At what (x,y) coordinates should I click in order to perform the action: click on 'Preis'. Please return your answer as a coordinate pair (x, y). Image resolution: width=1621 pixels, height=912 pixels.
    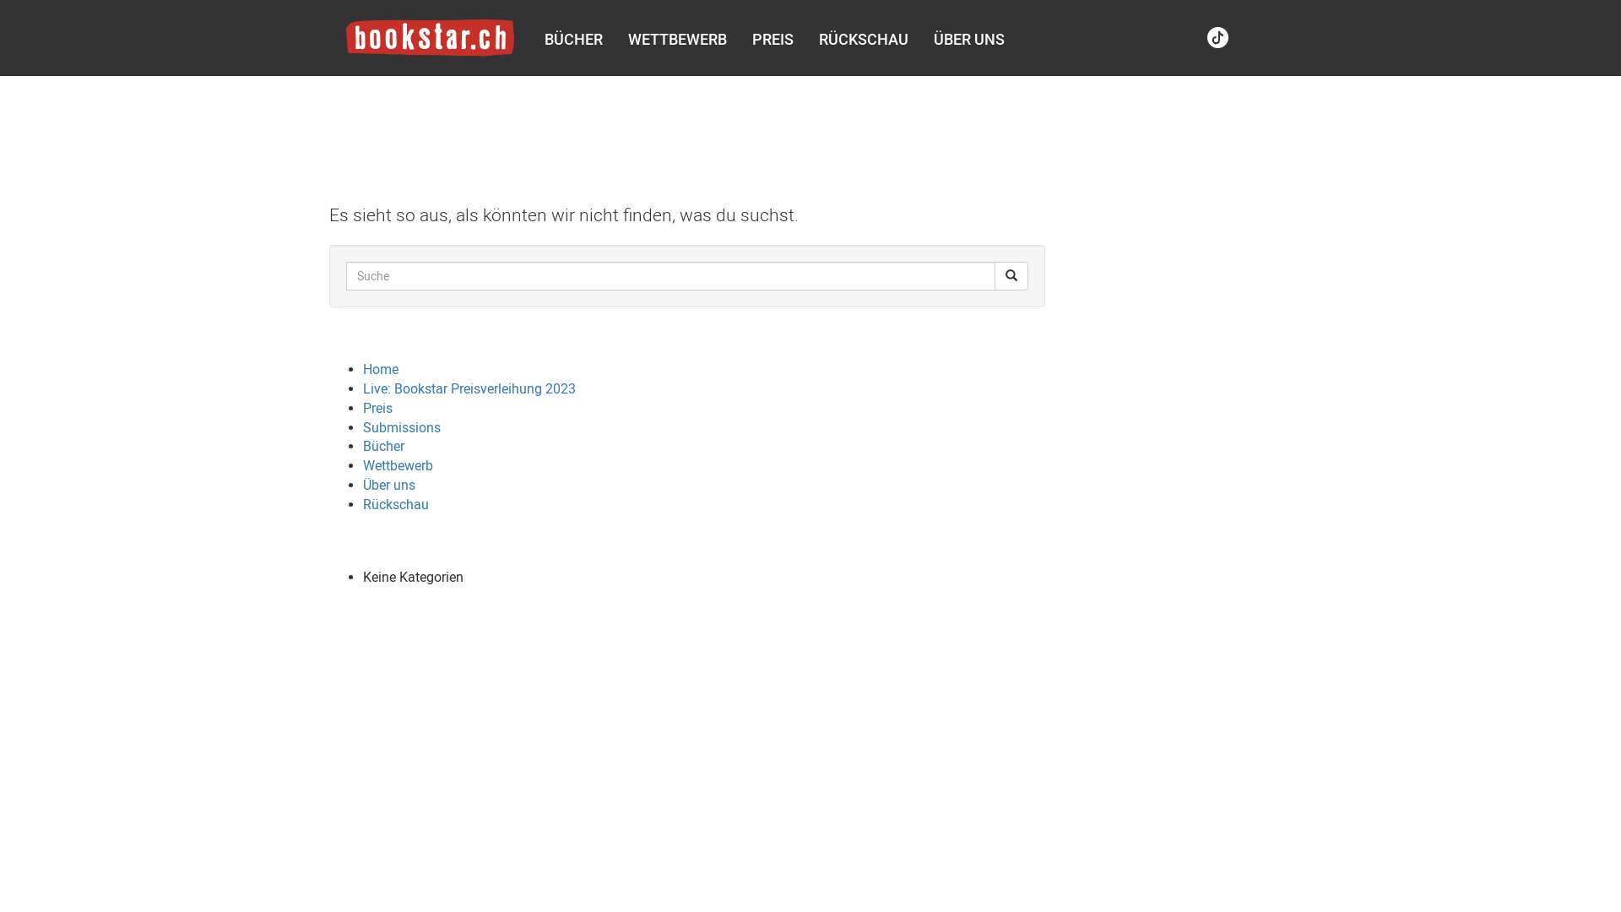
    Looking at the image, I should click on (377, 408).